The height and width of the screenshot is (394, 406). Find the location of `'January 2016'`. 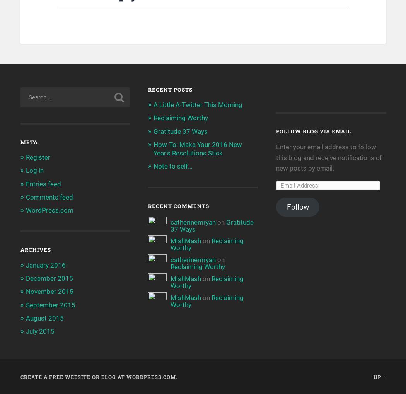

'January 2016' is located at coordinates (45, 264).